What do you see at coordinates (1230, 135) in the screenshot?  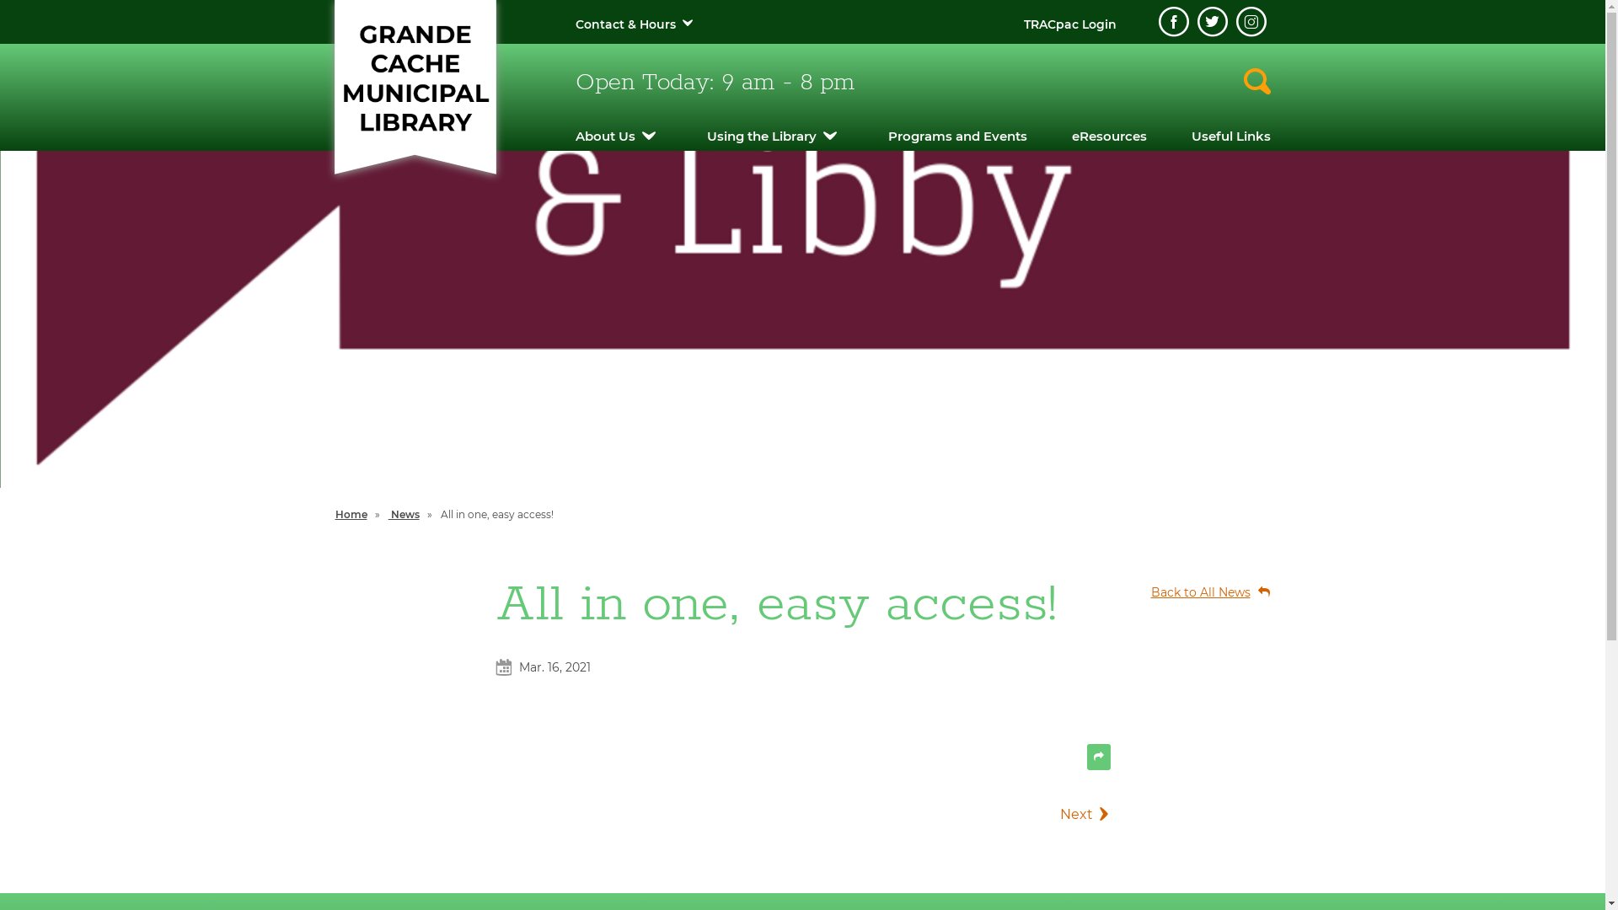 I see `'Useful Links'` at bounding box center [1230, 135].